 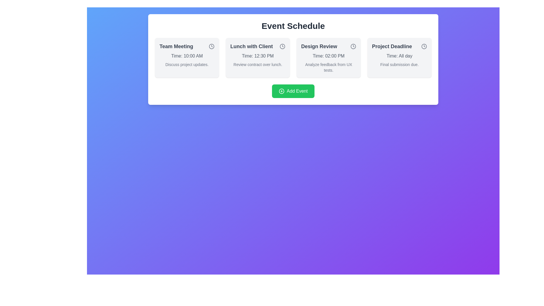 What do you see at coordinates (319, 46) in the screenshot?
I see `the bold text element displaying 'Design Review' located in the third card of the event schedule, styled in dark gray color` at bounding box center [319, 46].